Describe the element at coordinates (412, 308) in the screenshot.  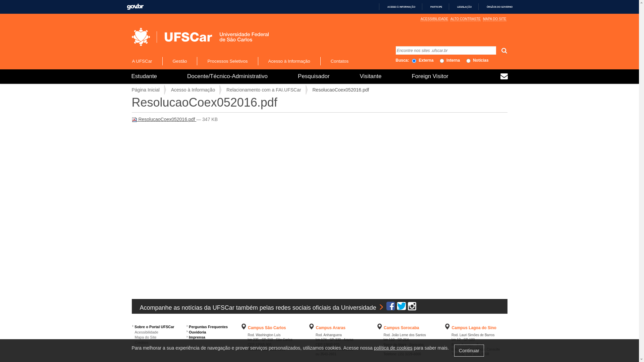
I see `'Instagram UFSCar Oficial'` at that location.